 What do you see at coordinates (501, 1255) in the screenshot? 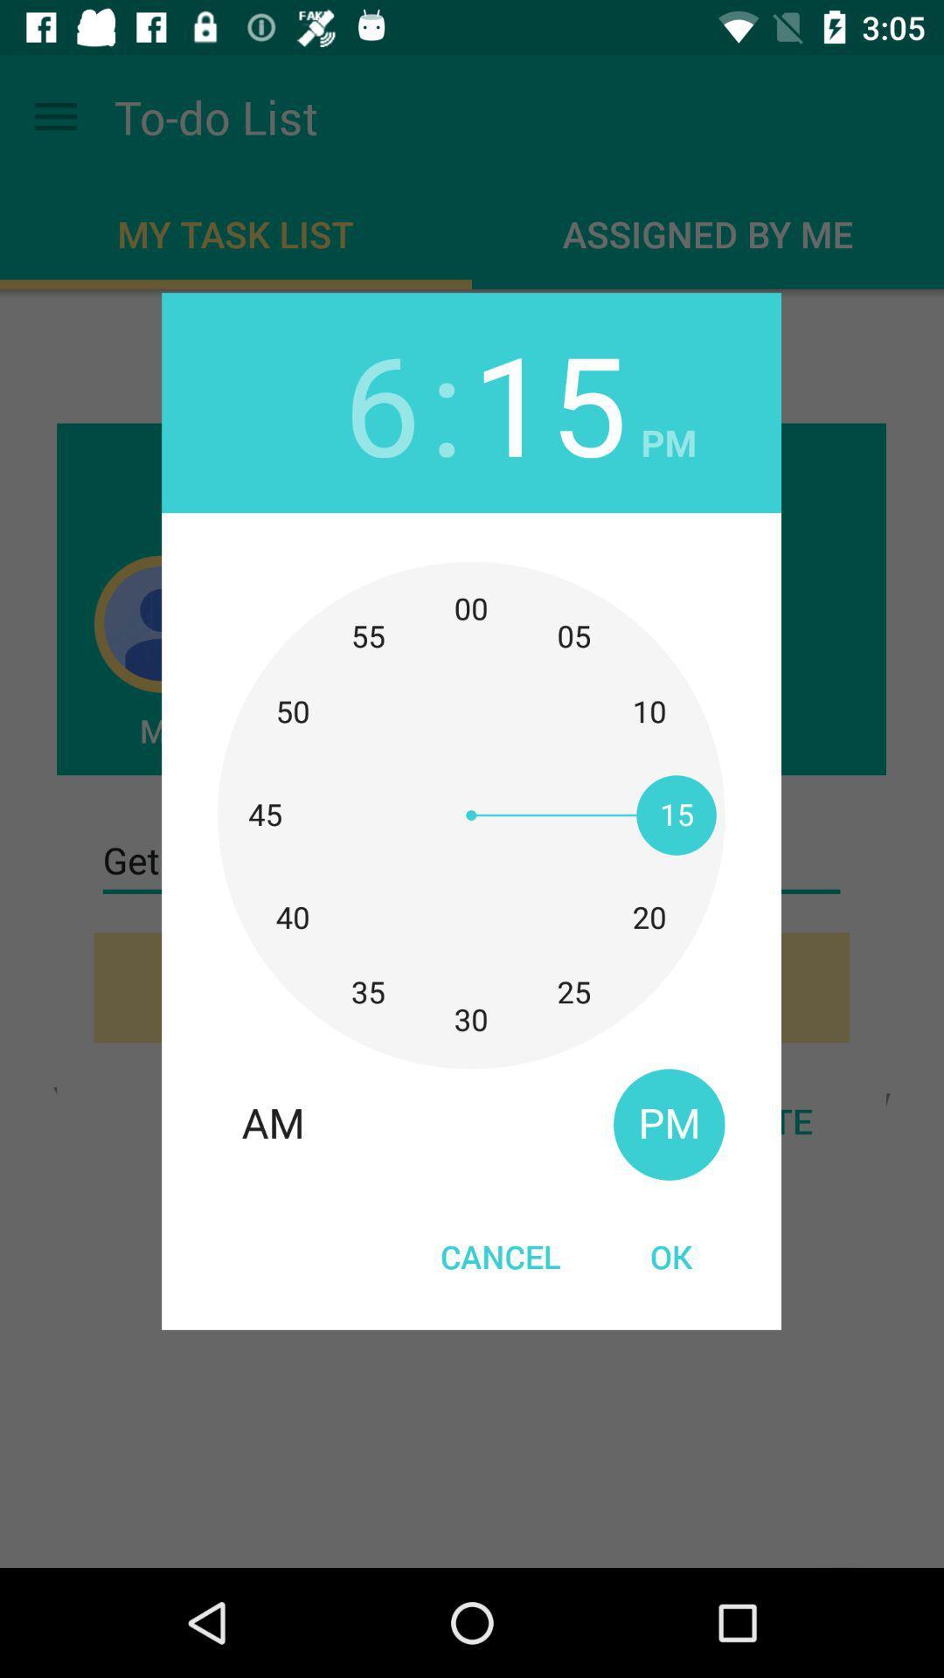
I see `item next to the ok item` at bounding box center [501, 1255].